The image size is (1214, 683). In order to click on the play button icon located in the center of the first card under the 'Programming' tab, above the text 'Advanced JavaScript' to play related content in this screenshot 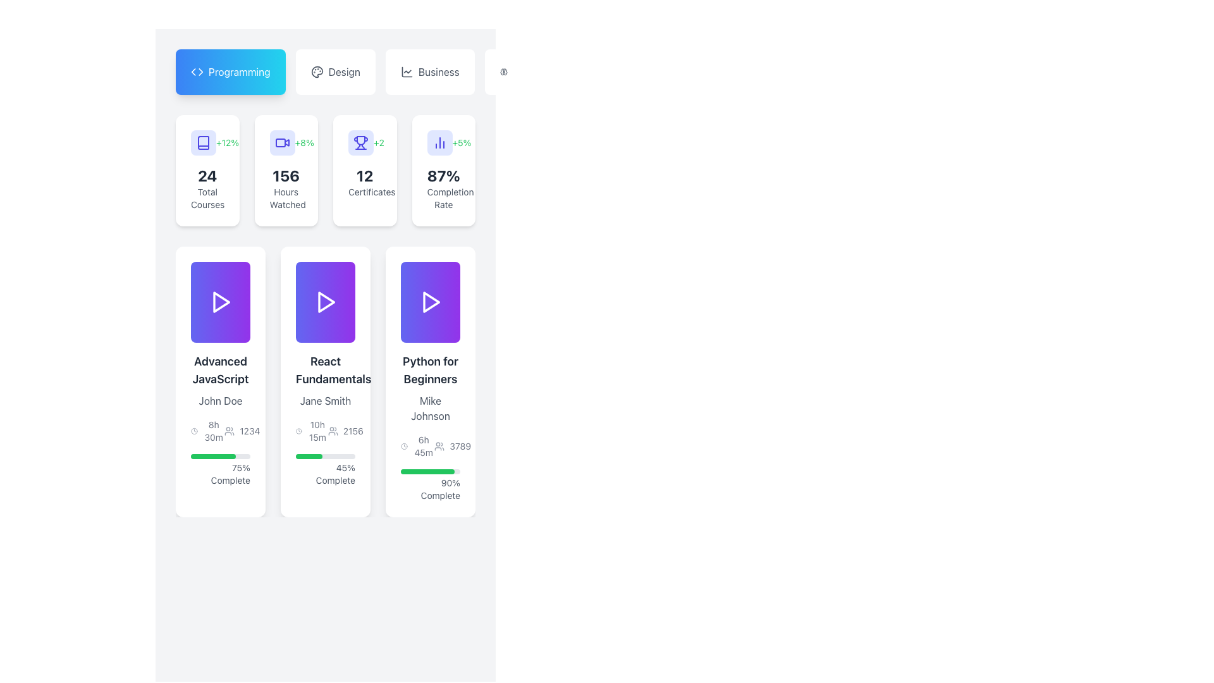, I will do `click(221, 302)`.